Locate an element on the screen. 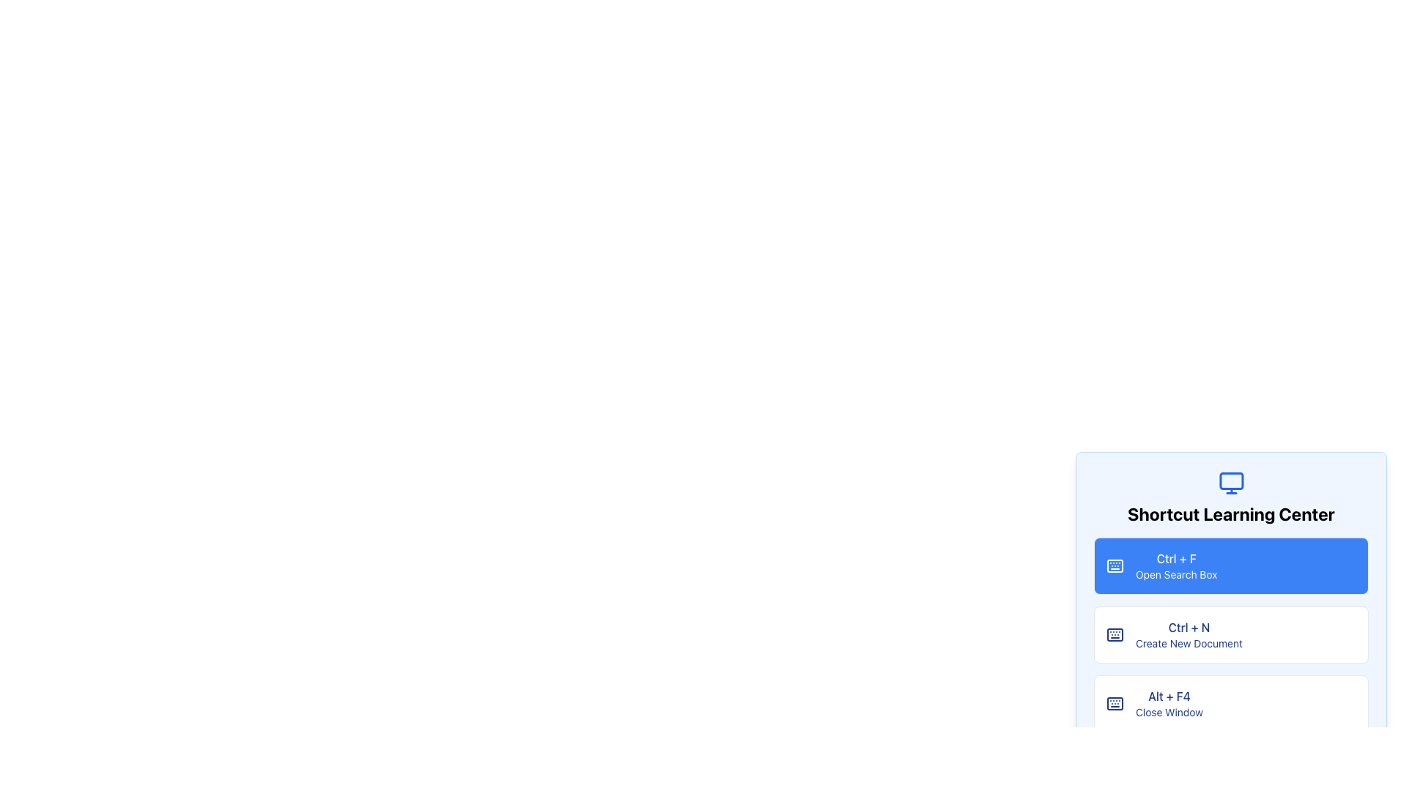 The image size is (1406, 791). the text element that informs users about the keyboard shortcut 'Ctrl + N' for creating a new document, located in the 'Shortcut Learning Center' is located at coordinates (1189, 634).